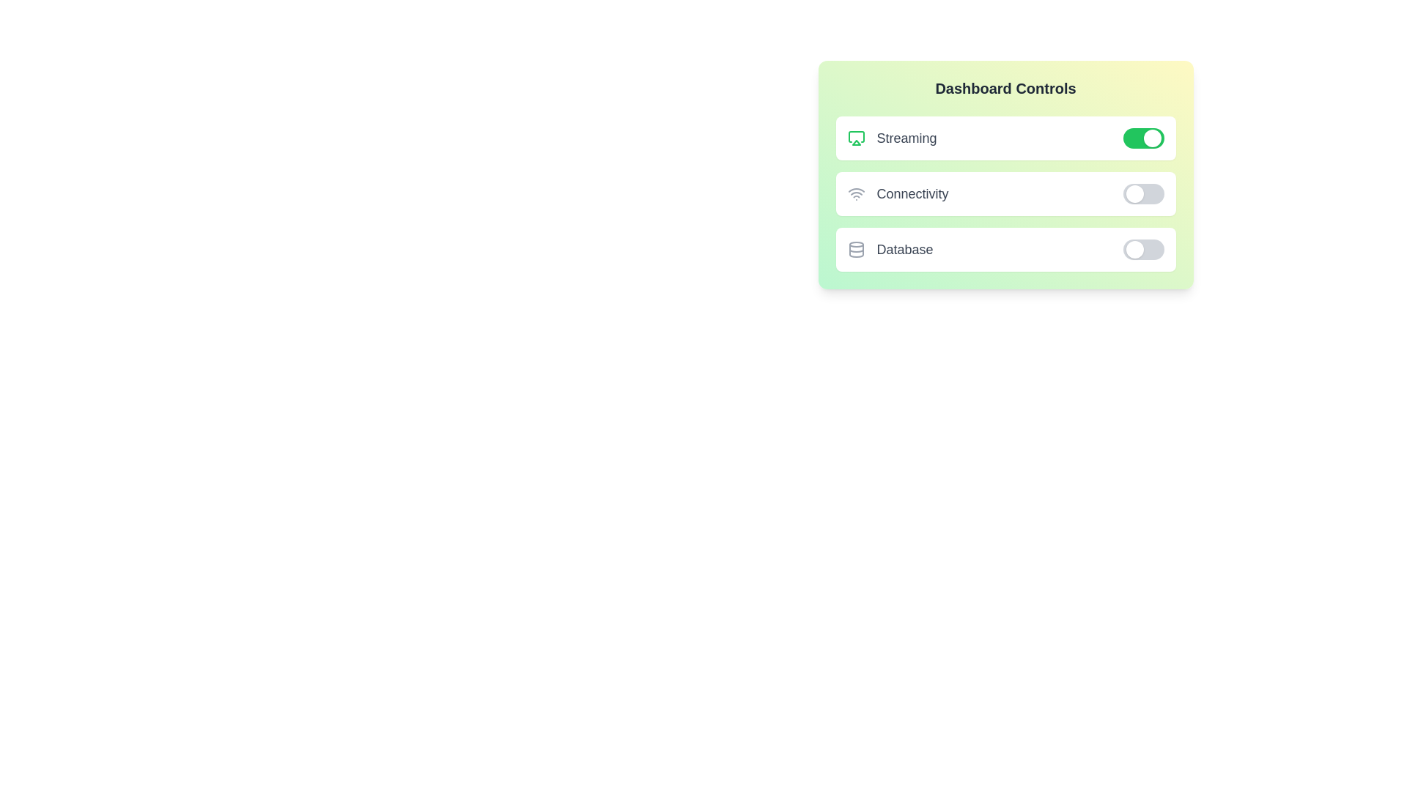  What do you see at coordinates (1142, 193) in the screenshot?
I see `the 'Connectivity' switch to toggle its state` at bounding box center [1142, 193].